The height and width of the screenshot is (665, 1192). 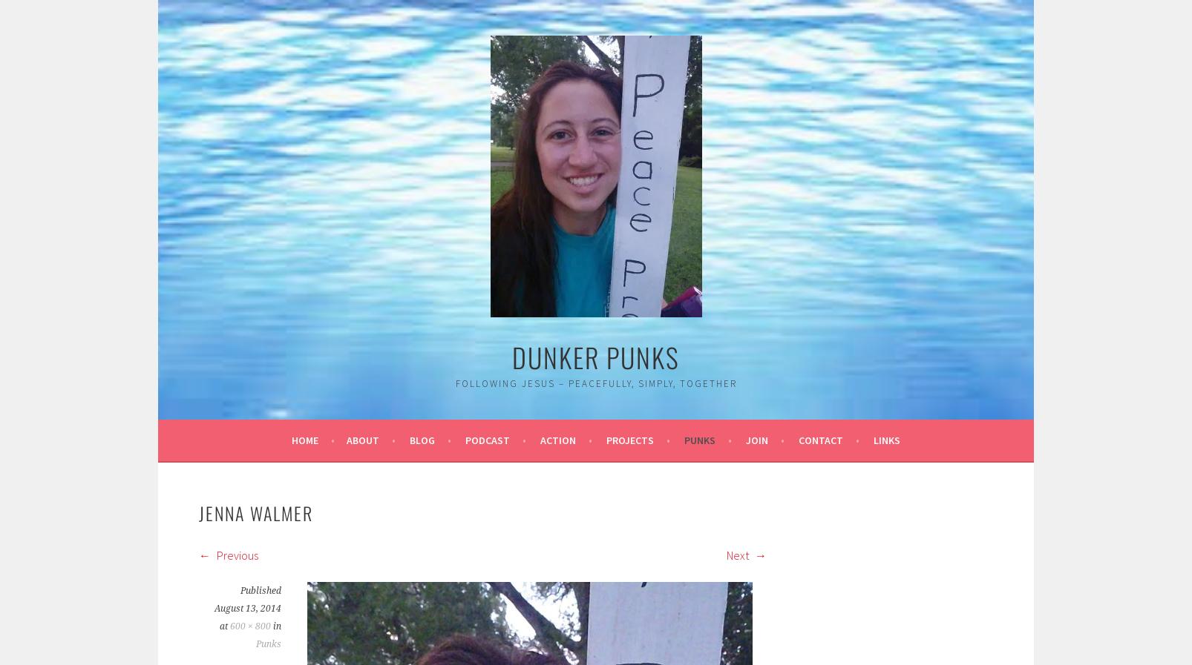 What do you see at coordinates (886, 440) in the screenshot?
I see `'Links'` at bounding box center [886, 440].